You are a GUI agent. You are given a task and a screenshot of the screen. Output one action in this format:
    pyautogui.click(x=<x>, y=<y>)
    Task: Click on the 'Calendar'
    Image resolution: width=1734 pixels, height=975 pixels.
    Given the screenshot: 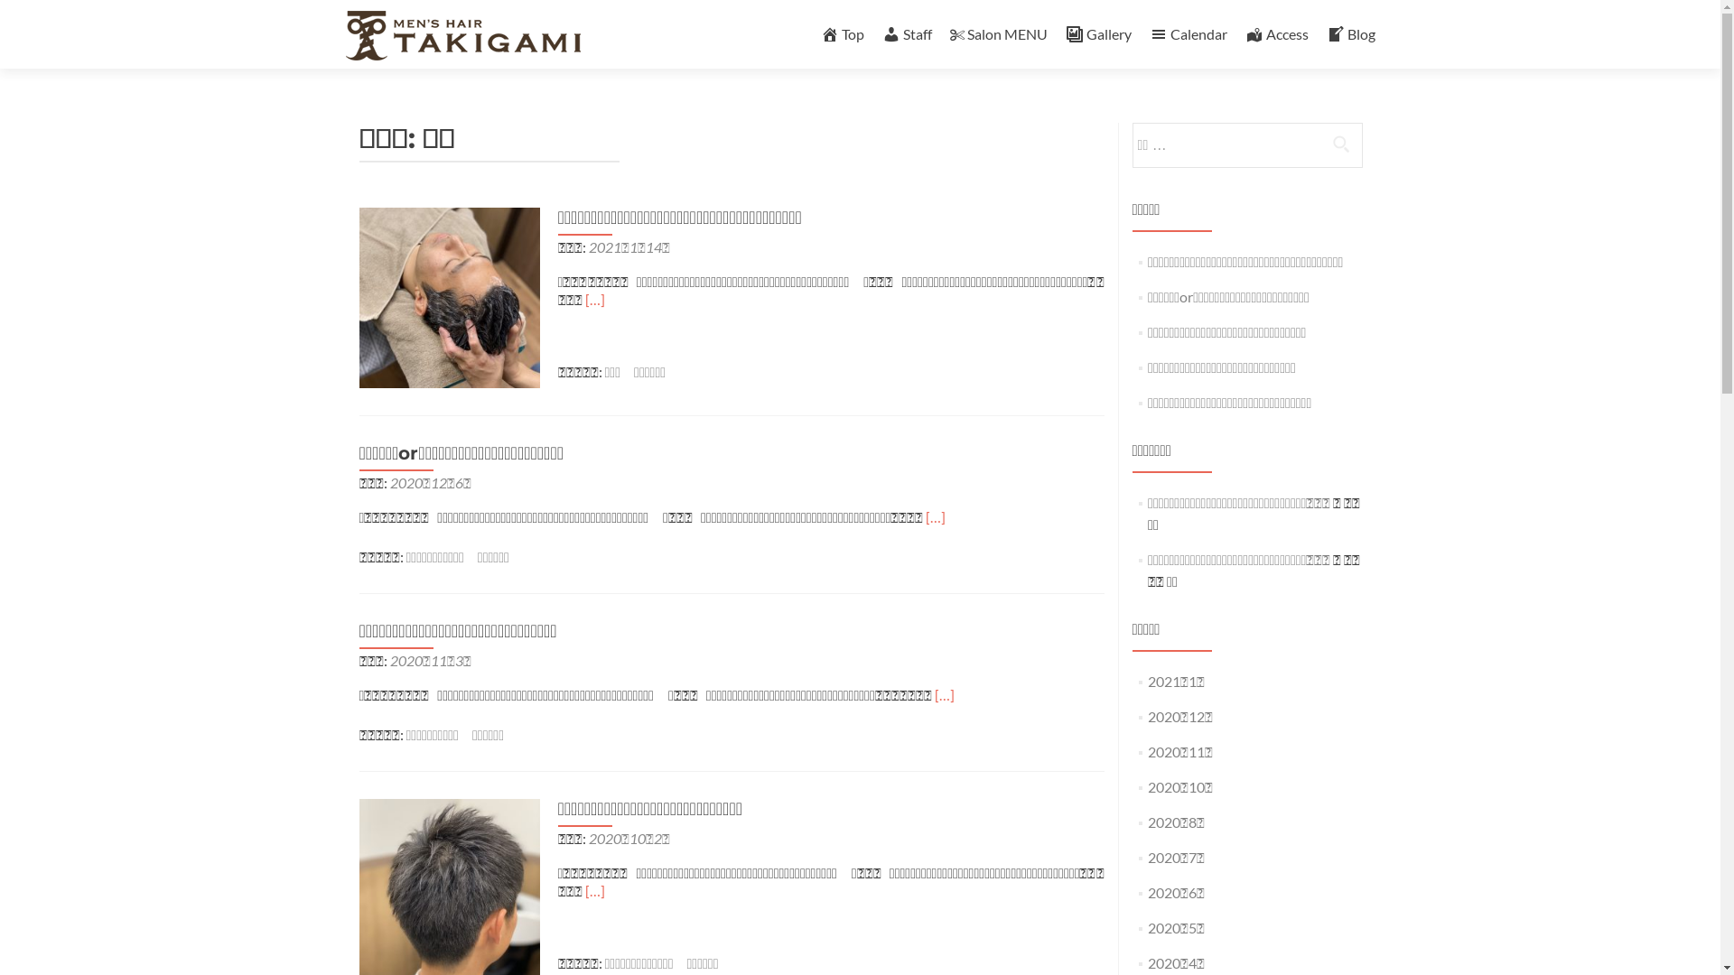 What is the action you would take?
    pyautogui.click(x=1188, y=33)
    